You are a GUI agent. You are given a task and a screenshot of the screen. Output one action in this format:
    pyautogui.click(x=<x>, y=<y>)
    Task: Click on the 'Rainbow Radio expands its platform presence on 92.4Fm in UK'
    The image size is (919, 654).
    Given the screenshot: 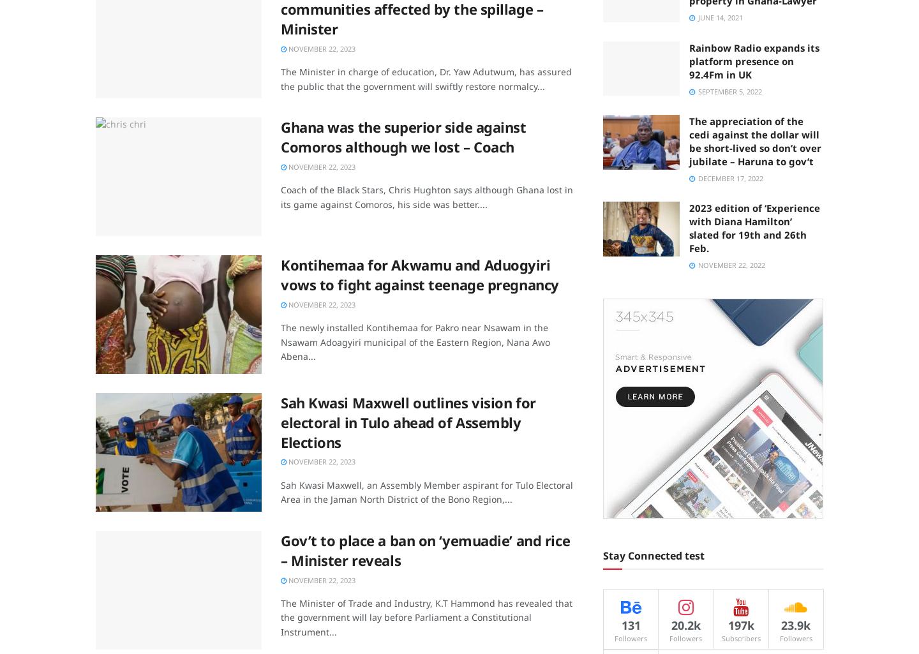 What is the action you would take?
    pyautogui.click(x=754, y=61)
    